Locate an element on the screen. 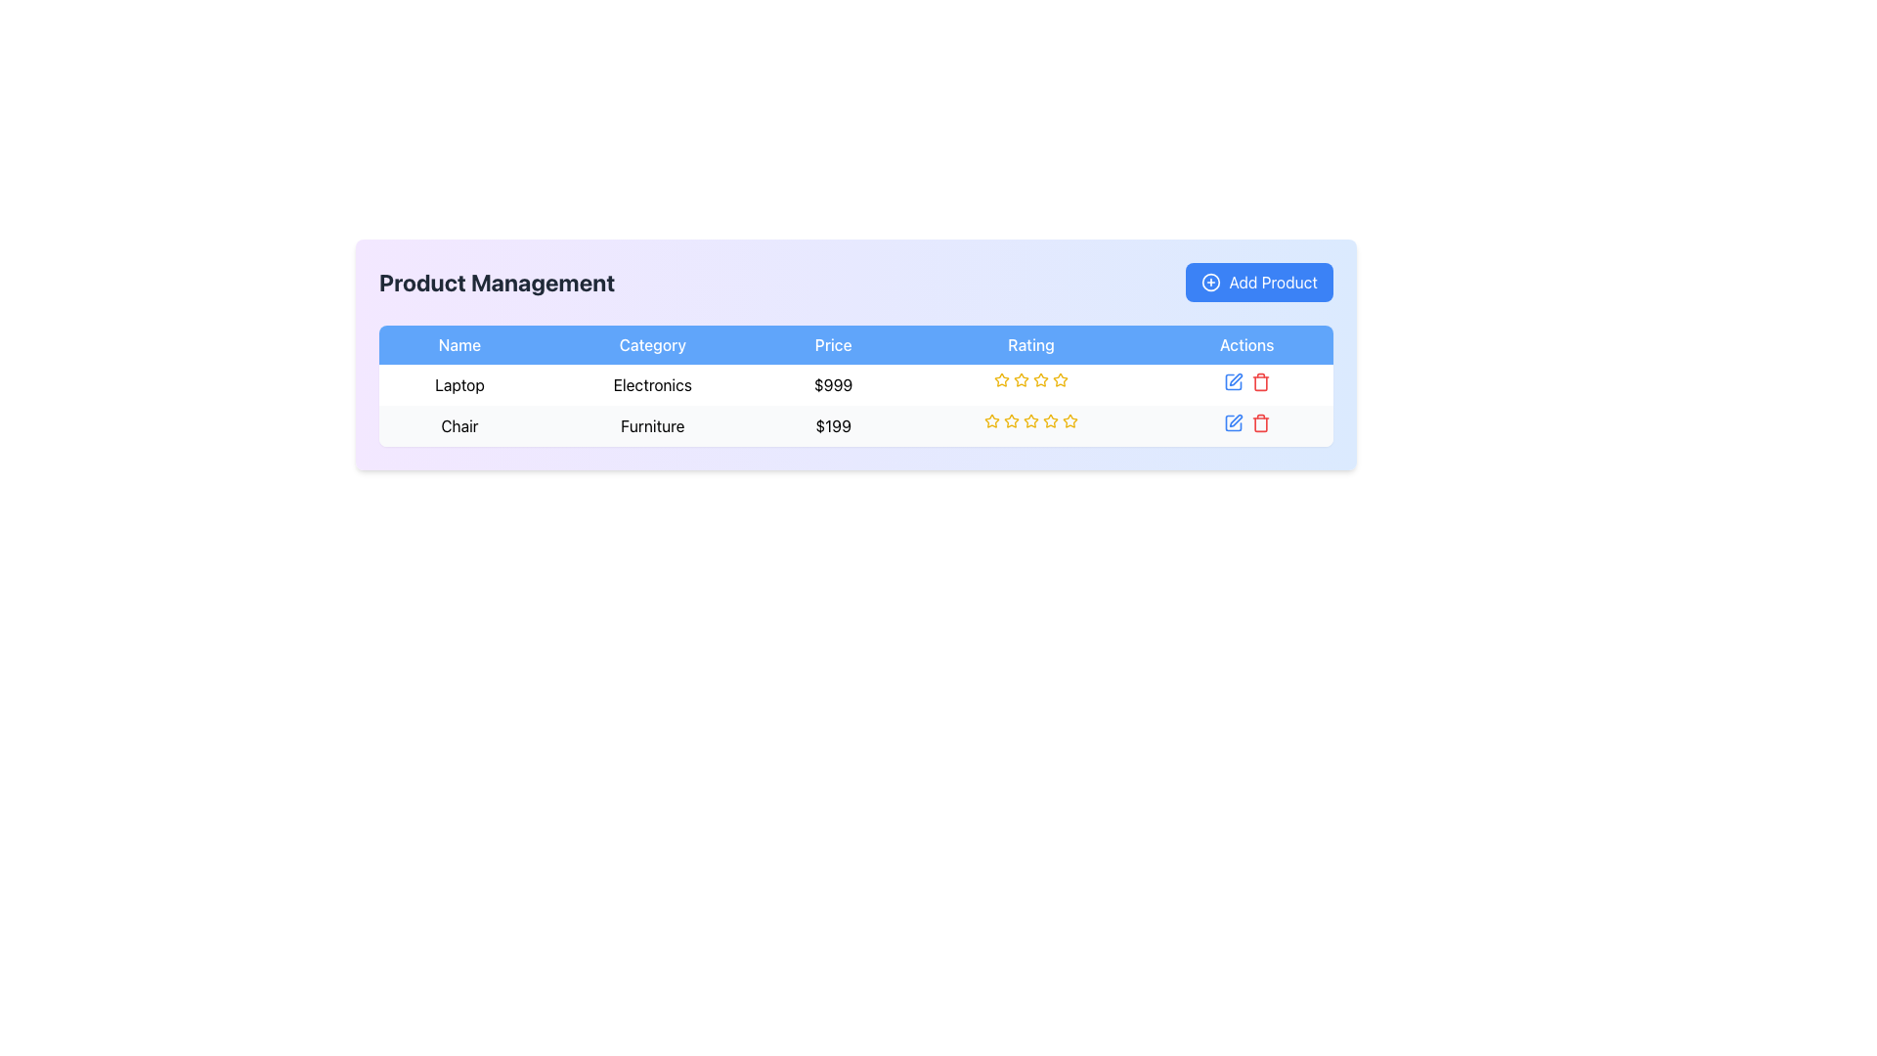  the yellow filled star icon in the 'Rating' column of the second row corresponding to the product 'Chair' is located at coordinates (1012, 419).